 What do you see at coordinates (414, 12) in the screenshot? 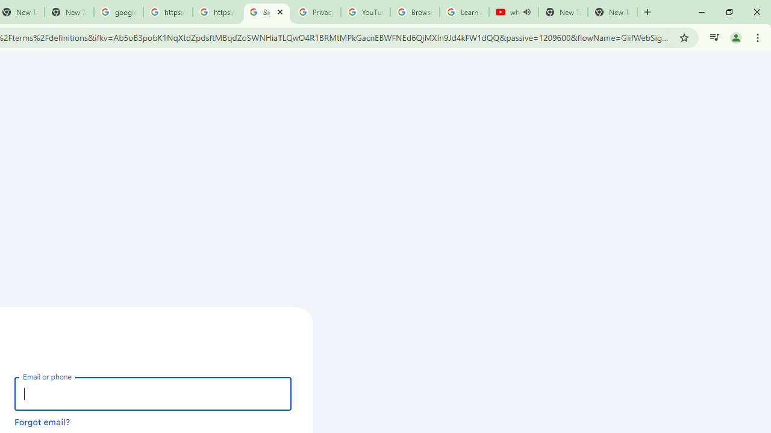
I see `'Browse Chrome as a guest - Computer - Google Chrome Help'` at bounding box center [414, 12].